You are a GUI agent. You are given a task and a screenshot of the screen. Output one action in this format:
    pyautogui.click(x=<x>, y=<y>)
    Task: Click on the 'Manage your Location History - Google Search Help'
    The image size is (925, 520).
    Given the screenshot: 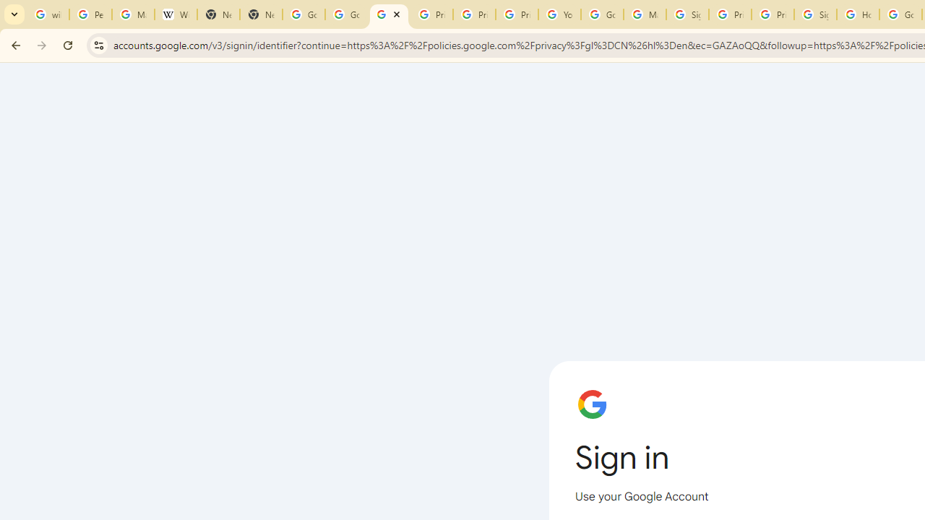 What is the action you would take?
    pyautogui.click(x=133, y=14)
    